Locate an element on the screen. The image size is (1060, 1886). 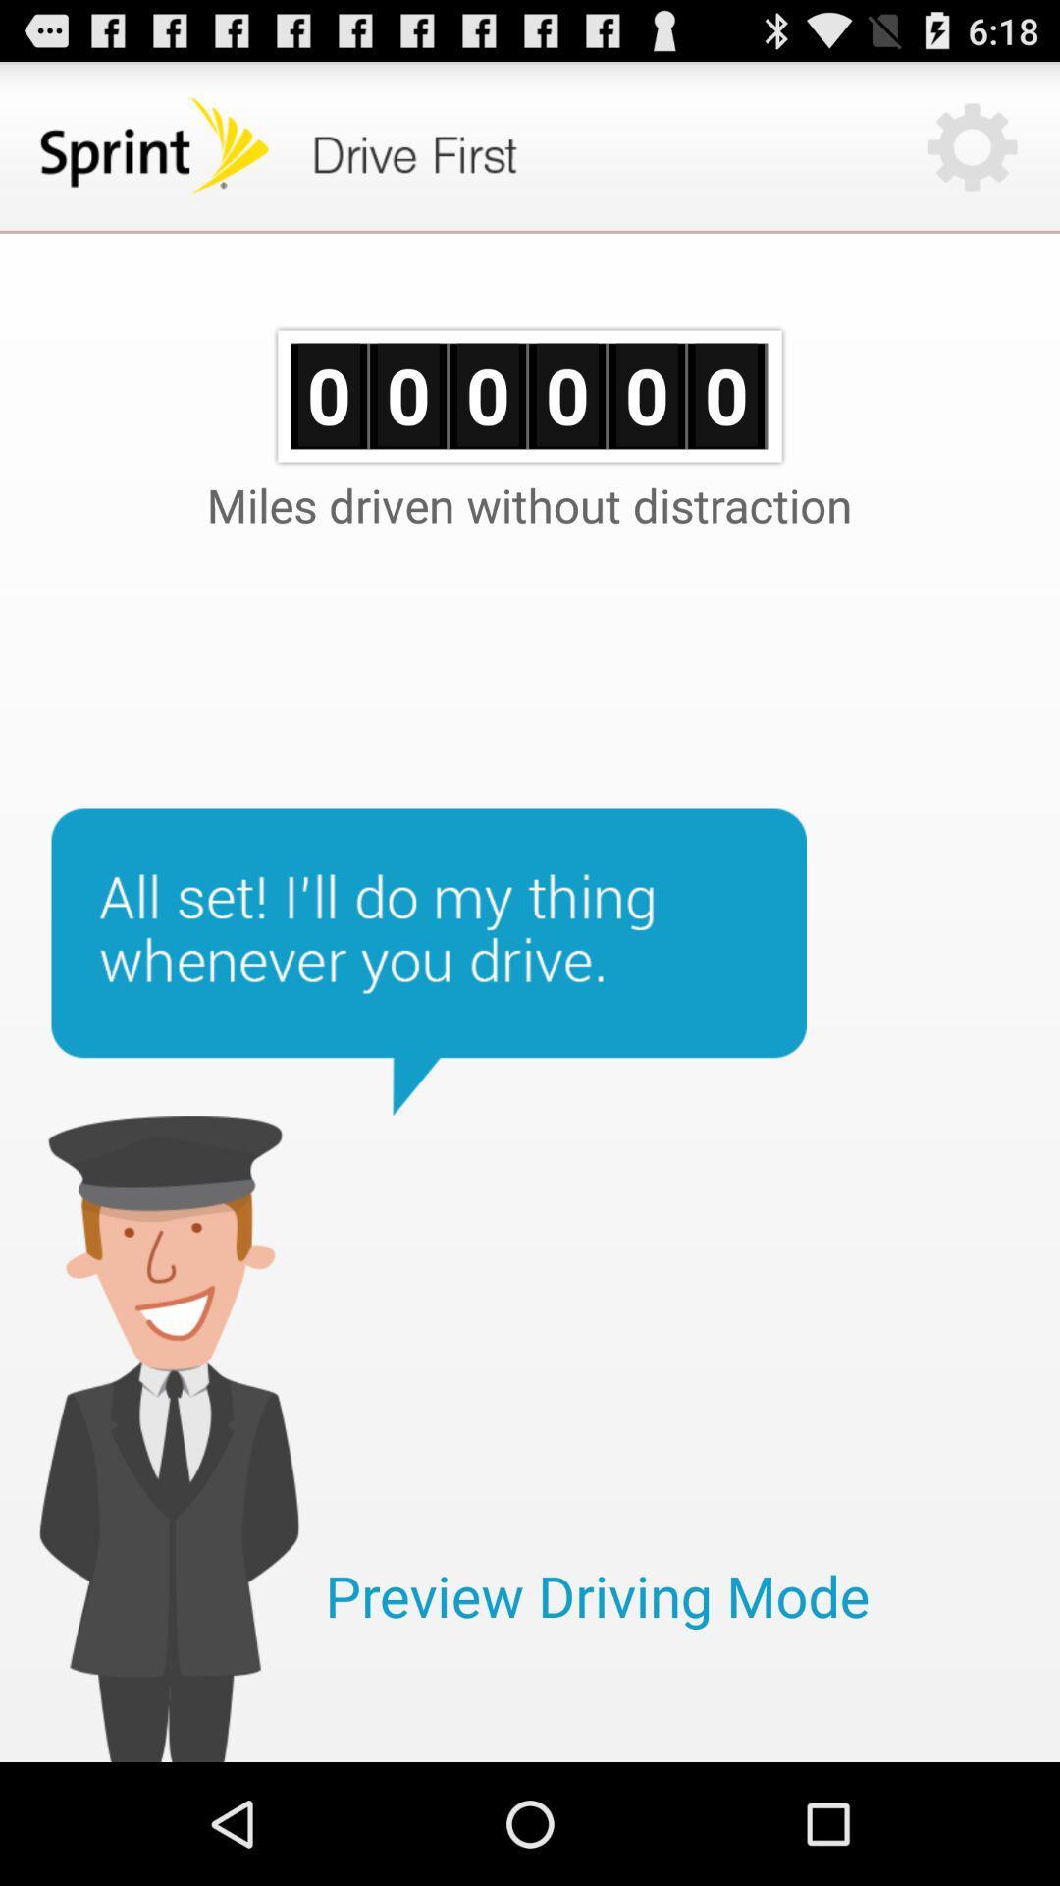
the preview driving mode item is located at coordinates (597, 1595).